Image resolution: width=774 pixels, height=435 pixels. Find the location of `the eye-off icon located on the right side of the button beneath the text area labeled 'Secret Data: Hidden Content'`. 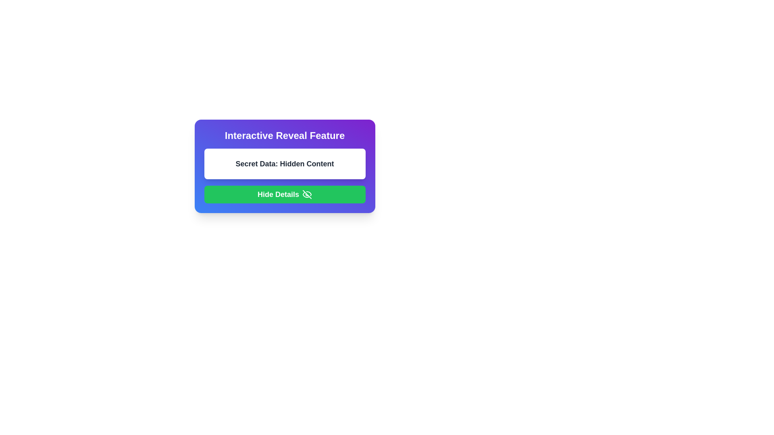

the eye-off icon located on the right side of the button beneath the text area labeled 'Secret Data: Hidden Content' is located at coordinates (307, 194).